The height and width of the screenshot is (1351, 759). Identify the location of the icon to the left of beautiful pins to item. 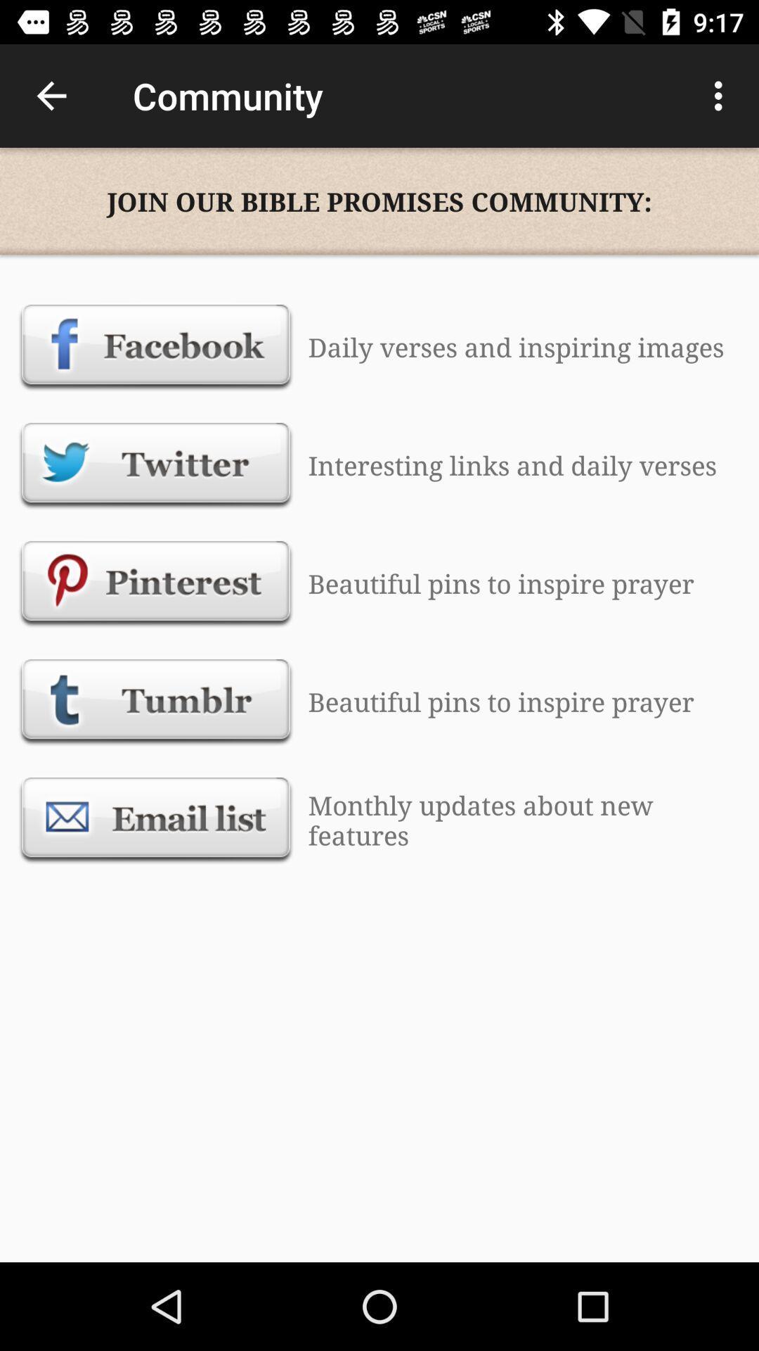
(156, 583).